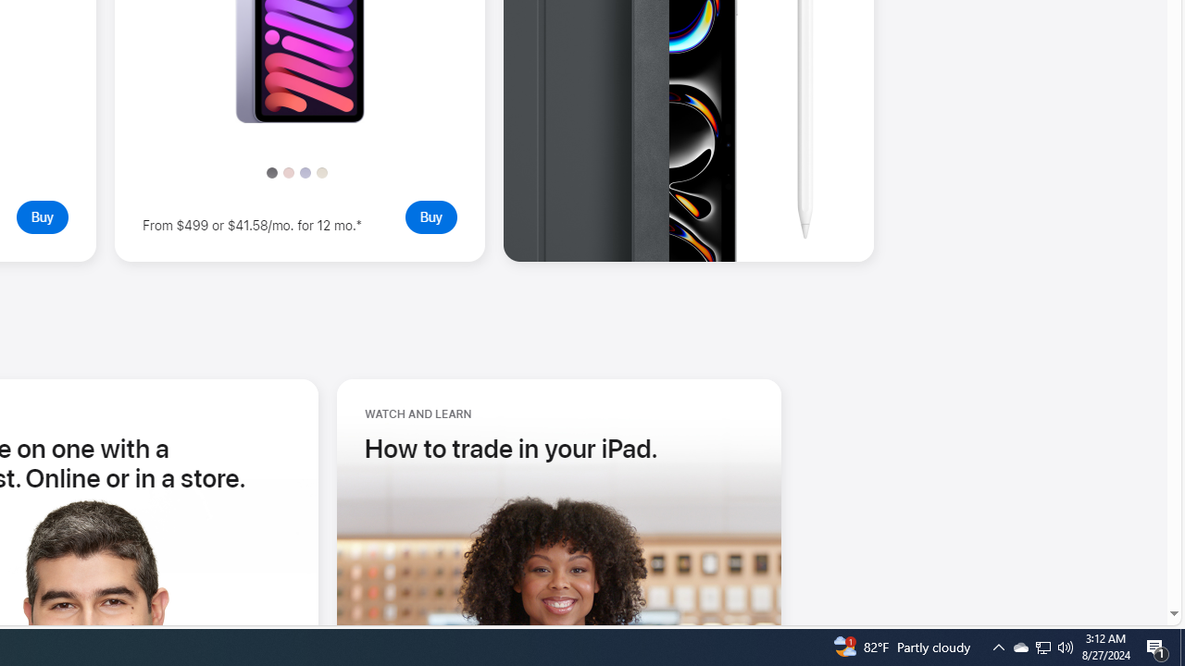  What do you see at coordinates (322, 172) in the screenshot?
I see `'Starlight'` at bounding box center [322, 172].